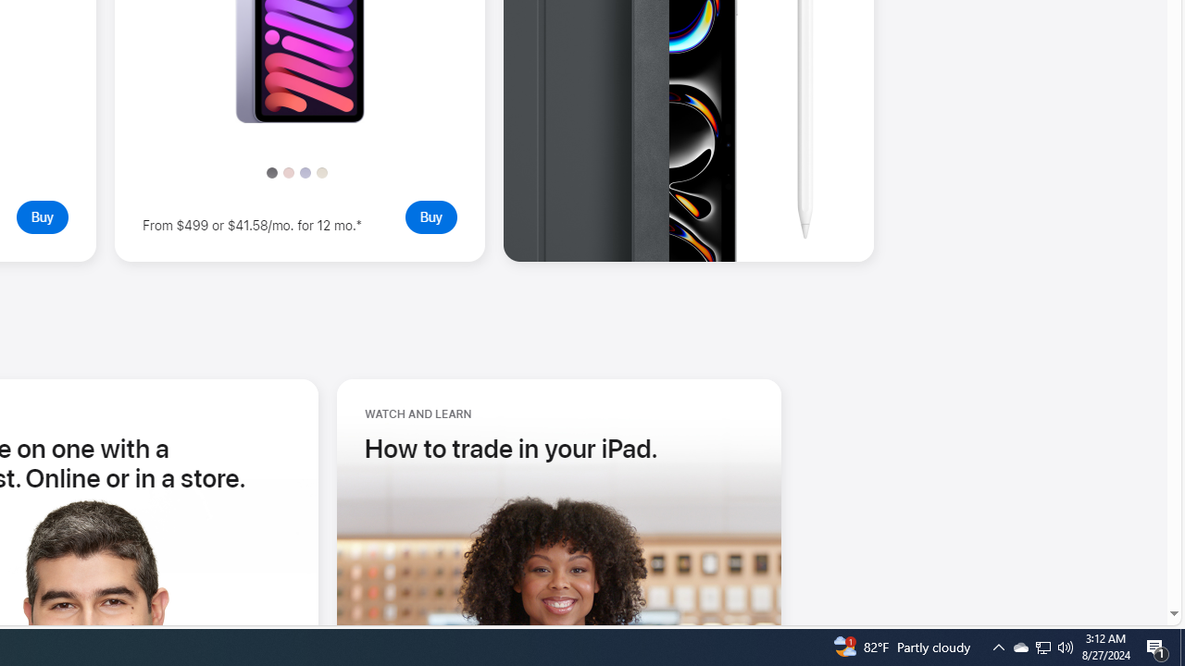  What do you see at coordinates (322, 172) in the screenshot?
I see `'Starlight'` at bounding box center [322, 172].